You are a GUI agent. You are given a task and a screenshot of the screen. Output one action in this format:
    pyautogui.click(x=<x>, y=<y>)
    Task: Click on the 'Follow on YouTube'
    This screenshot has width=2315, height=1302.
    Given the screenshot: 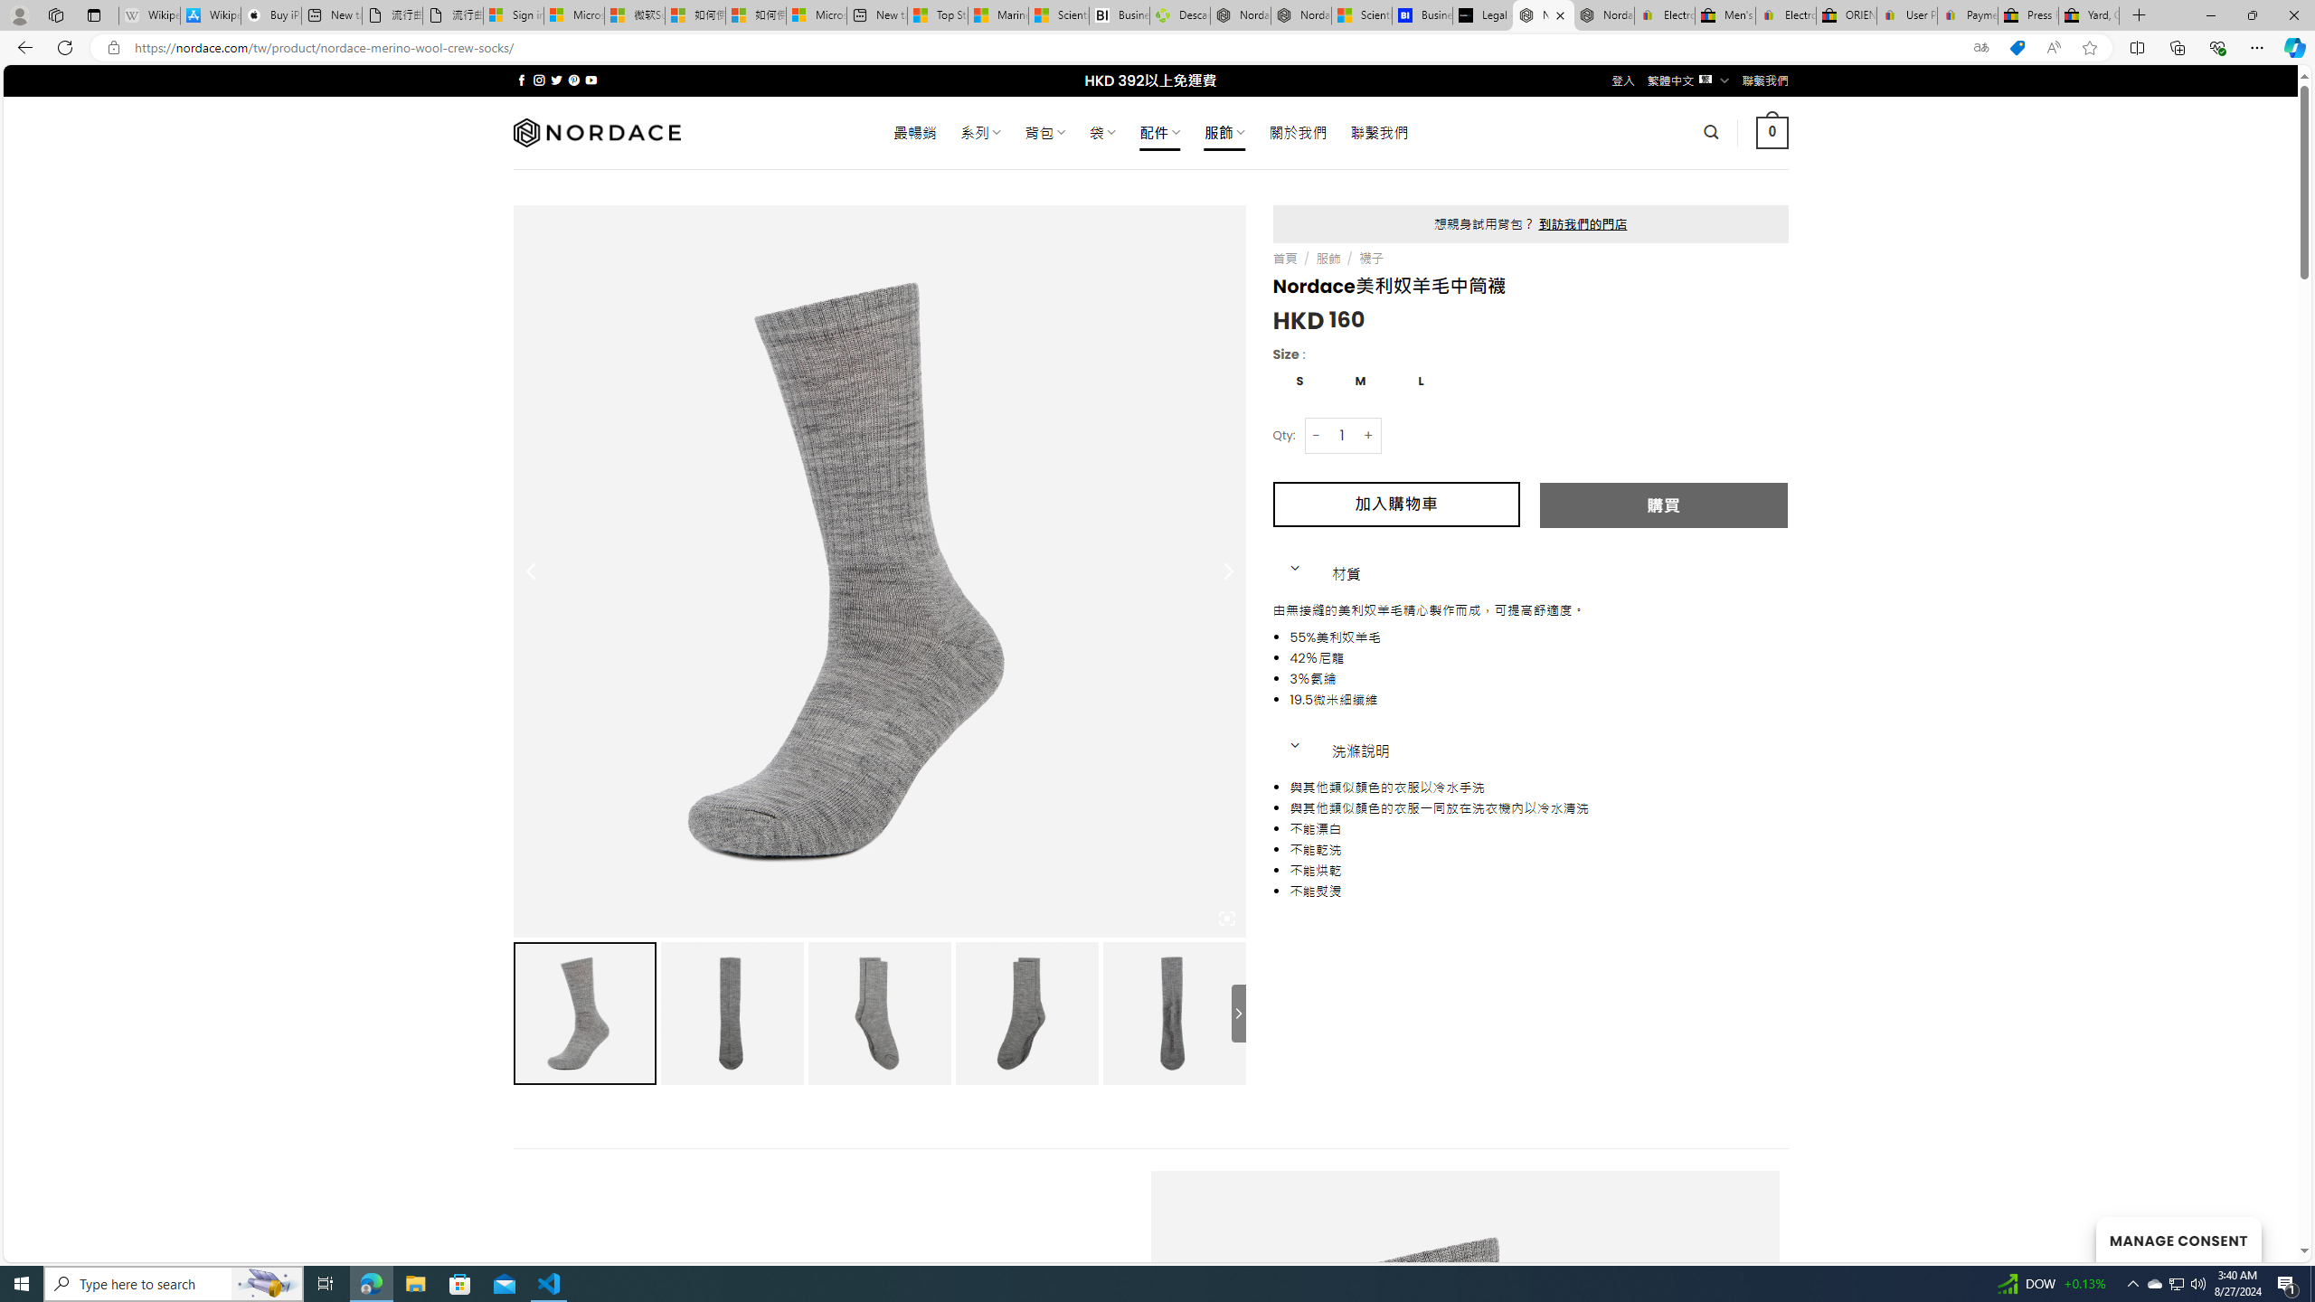 What is the action you would take?
    pyautogui.click(x=591, y=80)
    